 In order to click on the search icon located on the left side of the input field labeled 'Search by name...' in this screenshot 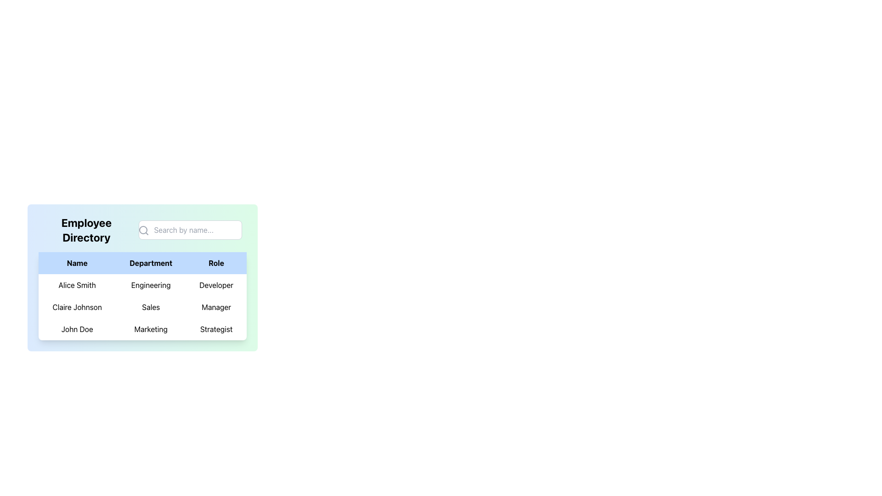, I will do `click(143, 230)`.